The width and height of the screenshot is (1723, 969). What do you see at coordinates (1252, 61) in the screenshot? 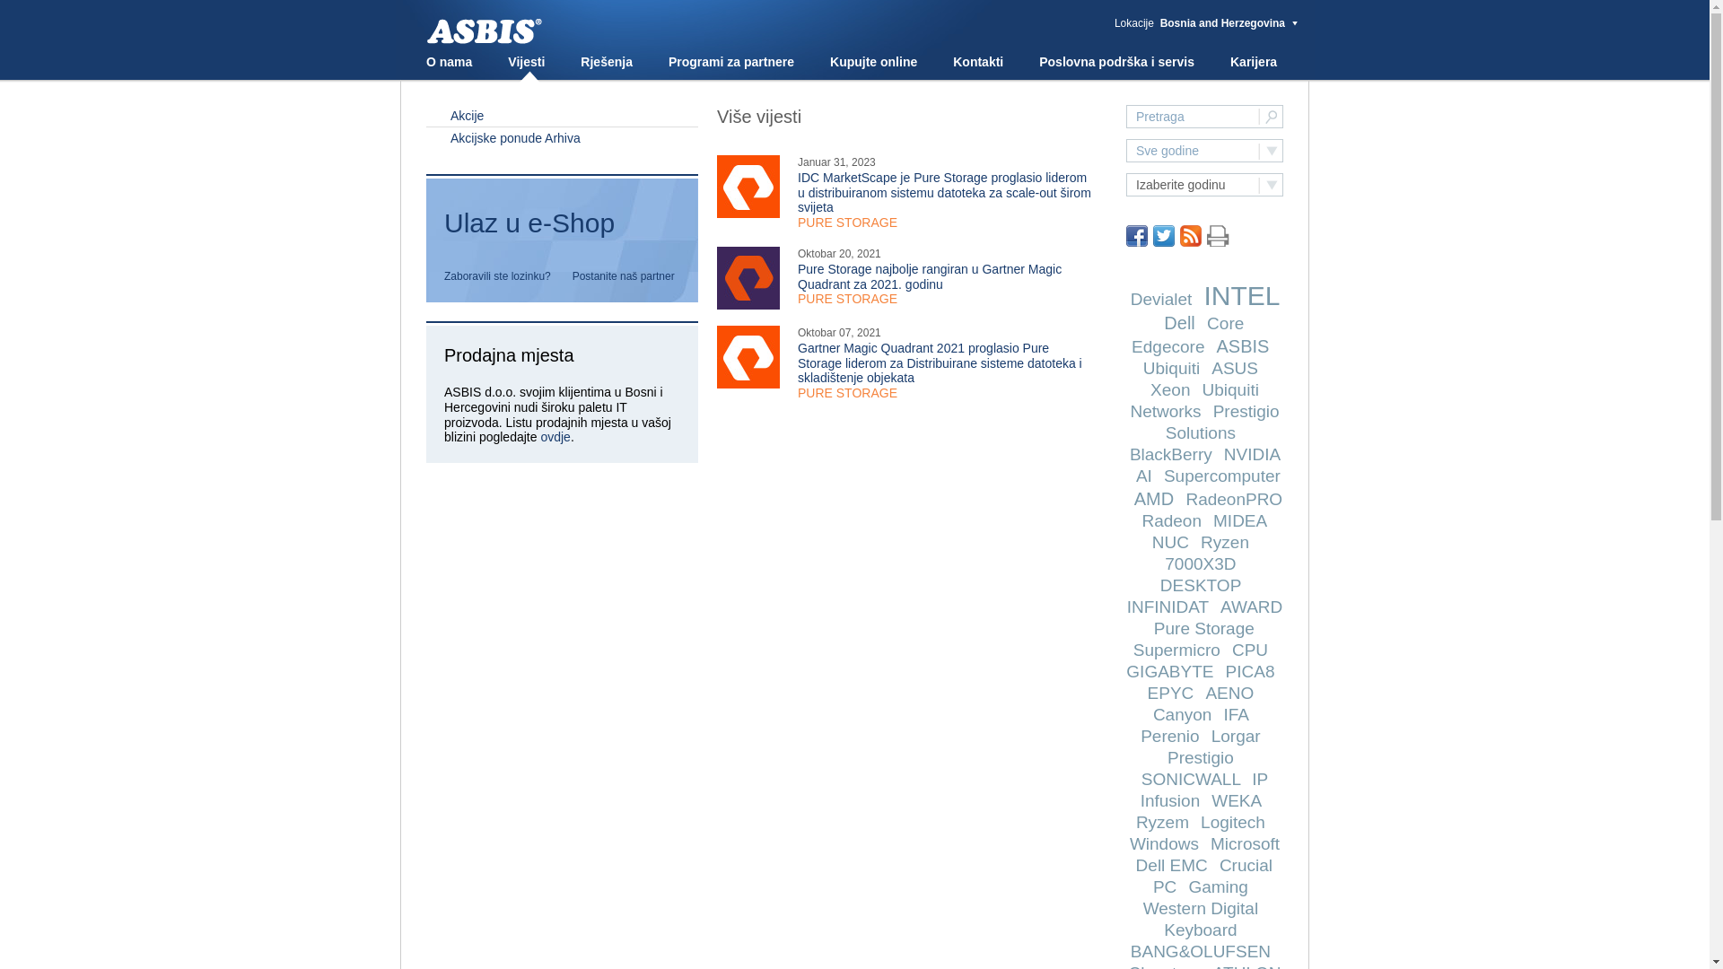
I see `'Karijera'` at bounding box center [1252, 61].